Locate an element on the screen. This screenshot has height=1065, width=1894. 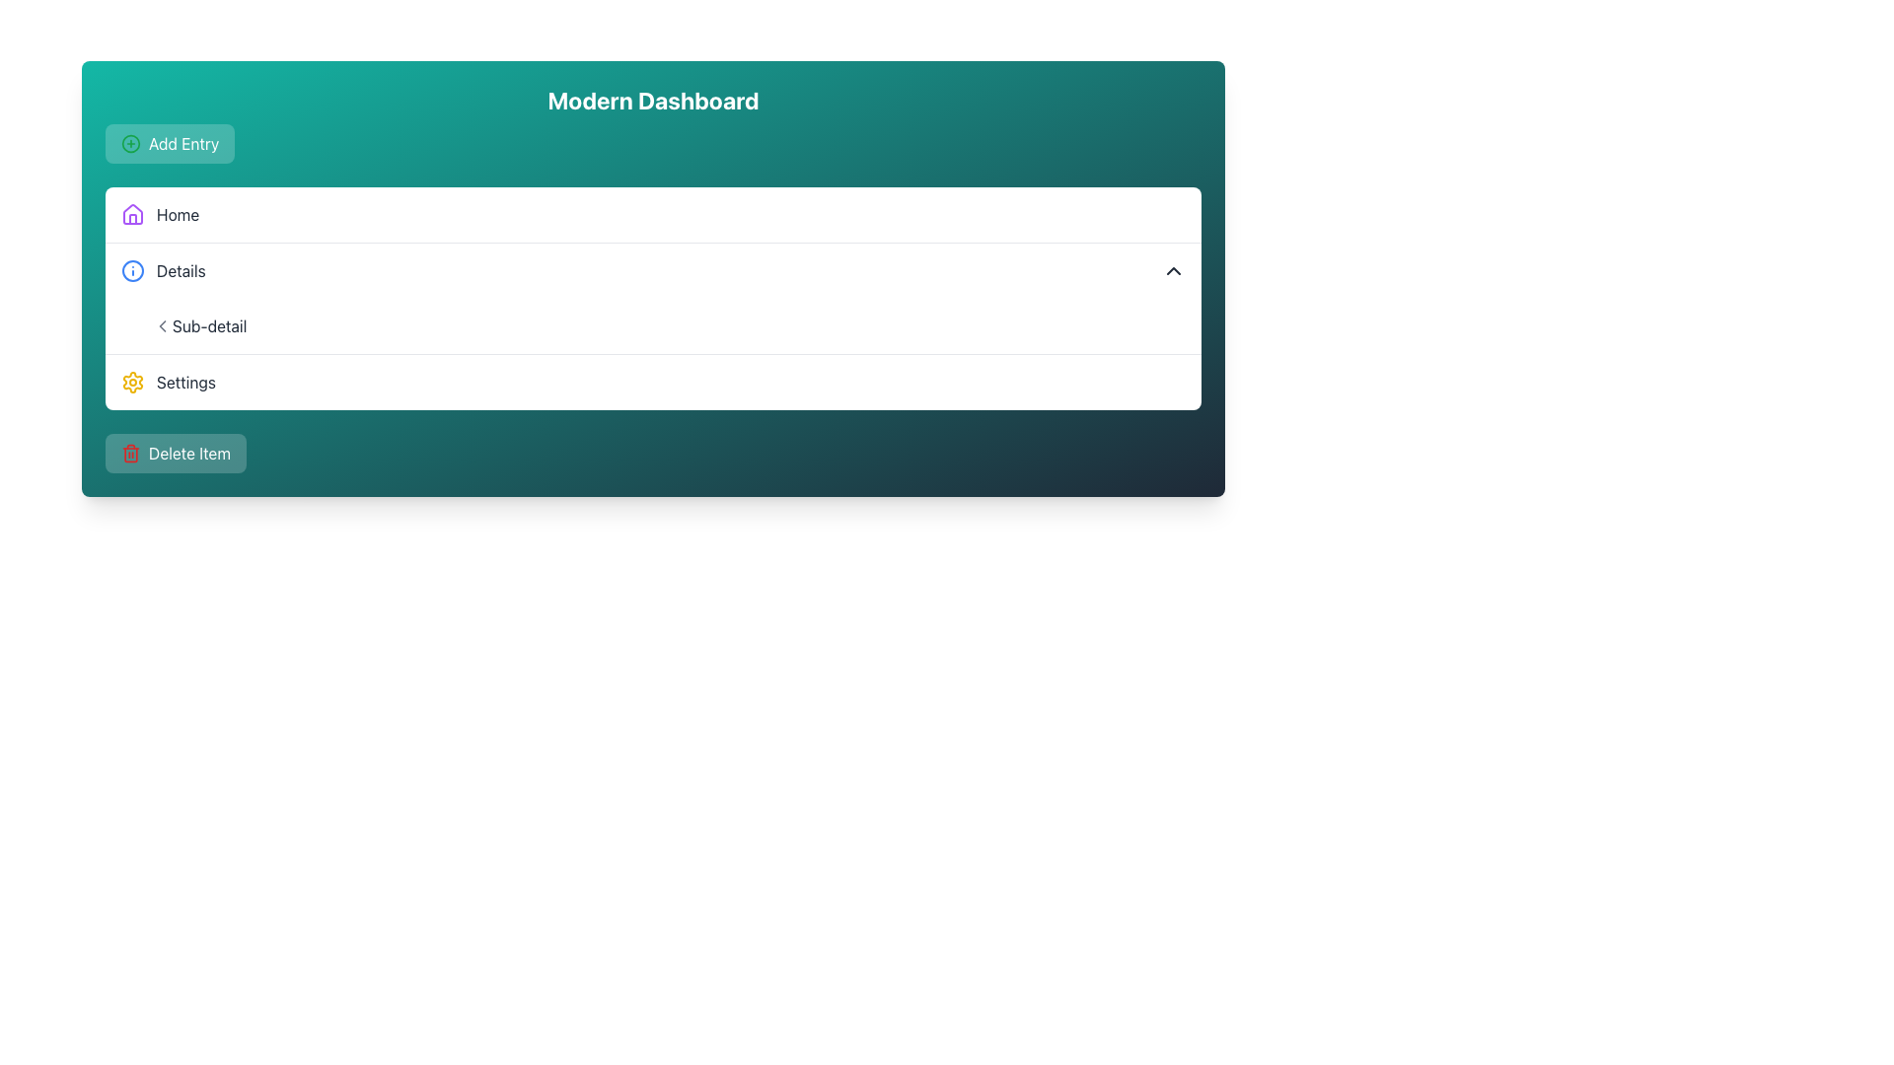
the 'Settings' icon located to the left of the text 'Settings' in the navigation list is located at coordinates (131, 383).